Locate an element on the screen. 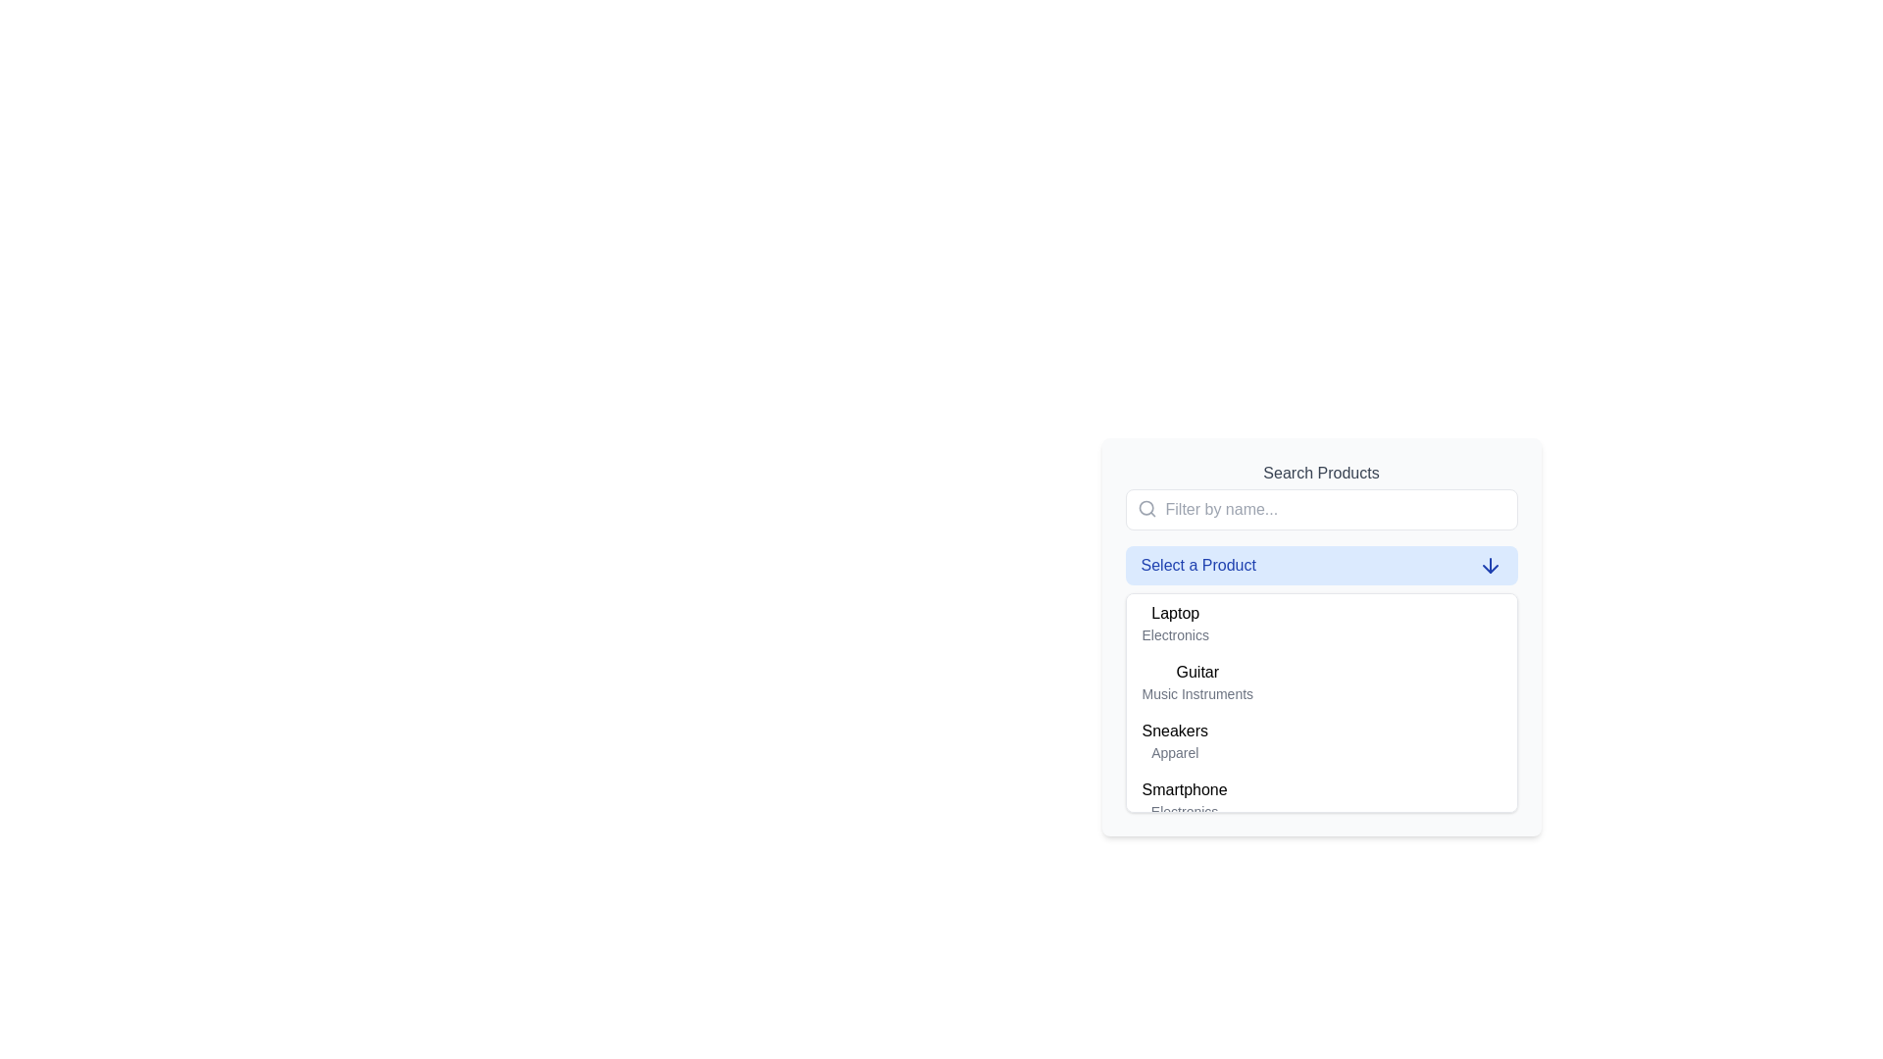 The image size is (1883, 1059). the 'Smartphone' category label within the dropdown menu is located at coordinates (1184, 789).